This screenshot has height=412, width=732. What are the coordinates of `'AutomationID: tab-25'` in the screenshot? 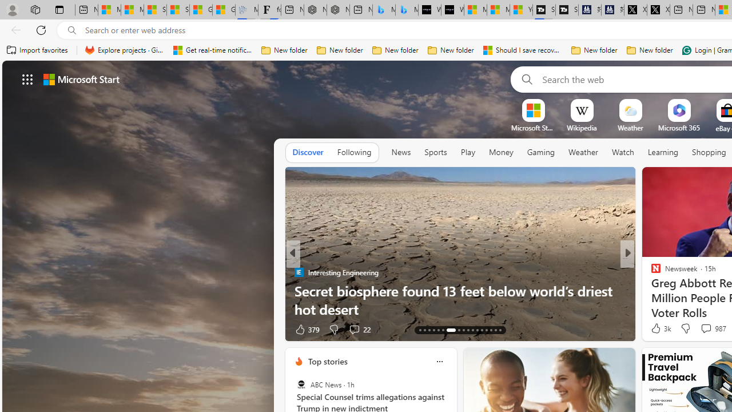 It's located at (482, 330).